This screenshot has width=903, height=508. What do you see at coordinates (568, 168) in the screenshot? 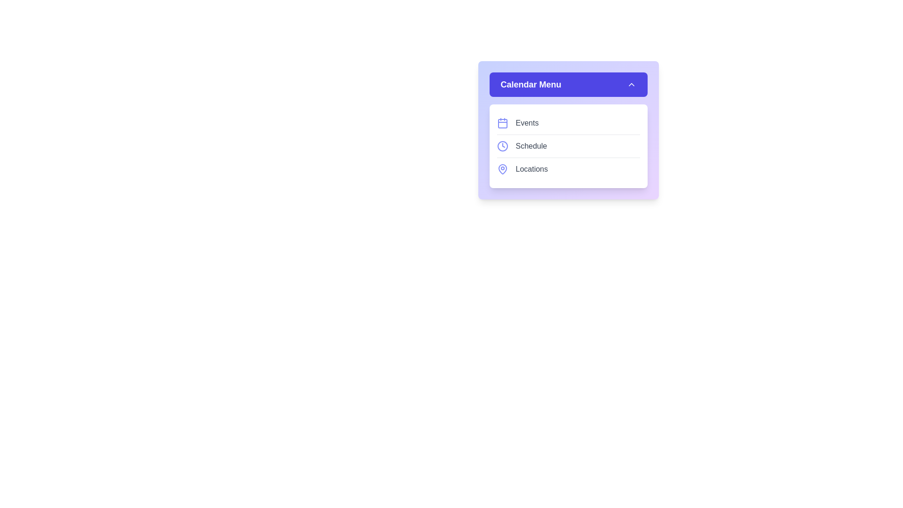
I see `the menu item Locations` at bounding box center [568, 168].